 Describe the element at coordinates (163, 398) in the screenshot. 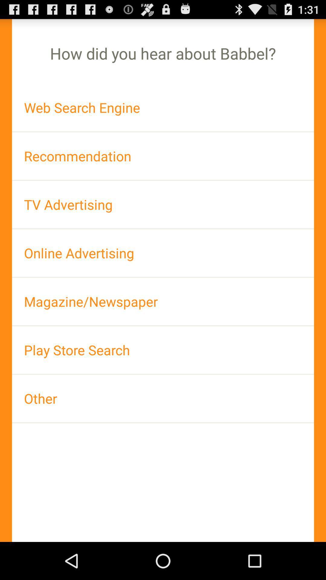

I see `the other at the bottom` at that location.